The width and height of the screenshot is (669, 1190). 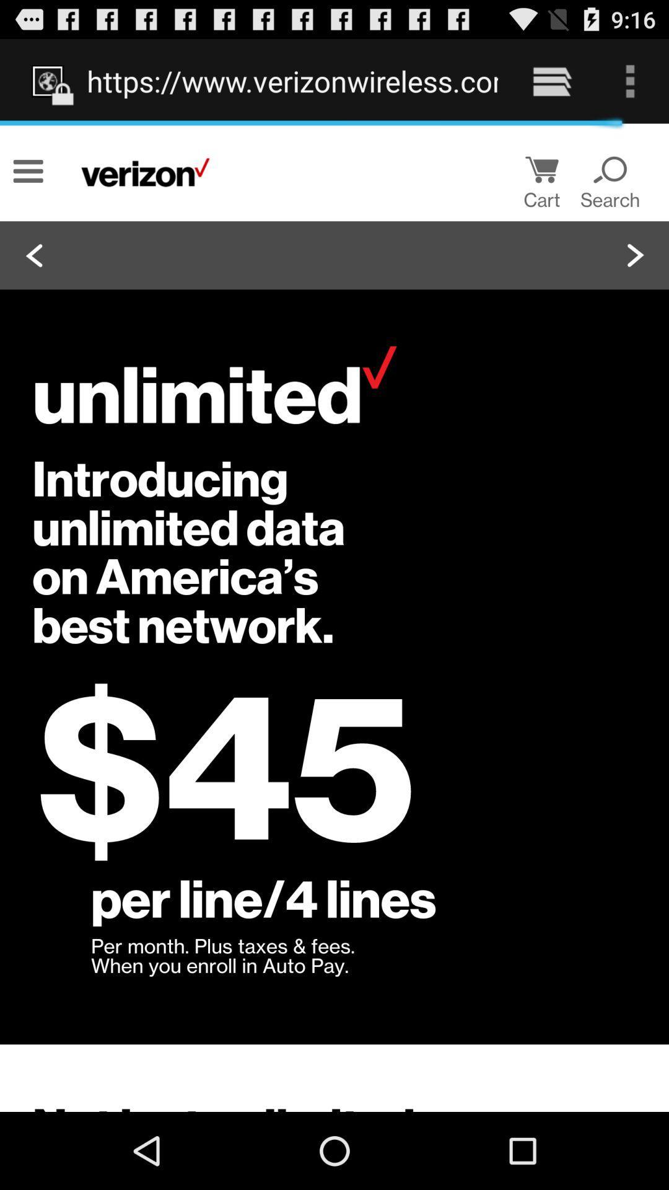 What do you see at coordinates (334, 617) in the screenshot?
I see `icon at the center` at bounding box center [334, 617].